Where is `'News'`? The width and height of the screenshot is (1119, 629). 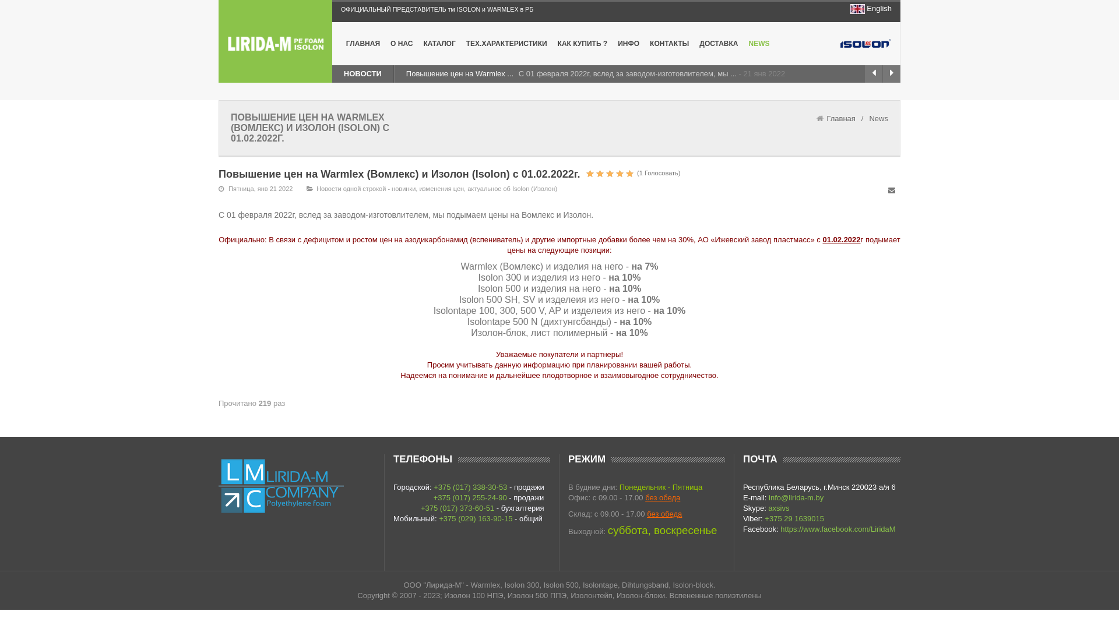
'News' is located at coordinates (878, 118).